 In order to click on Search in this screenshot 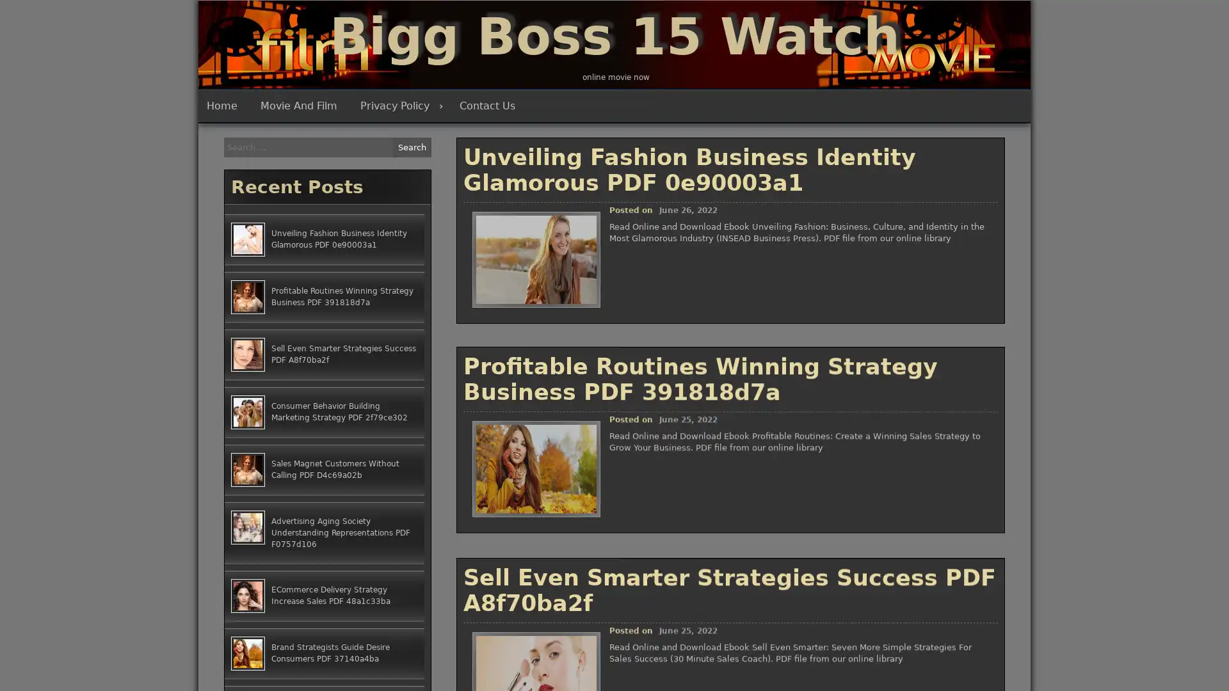, I will do `click(412, 147)`.